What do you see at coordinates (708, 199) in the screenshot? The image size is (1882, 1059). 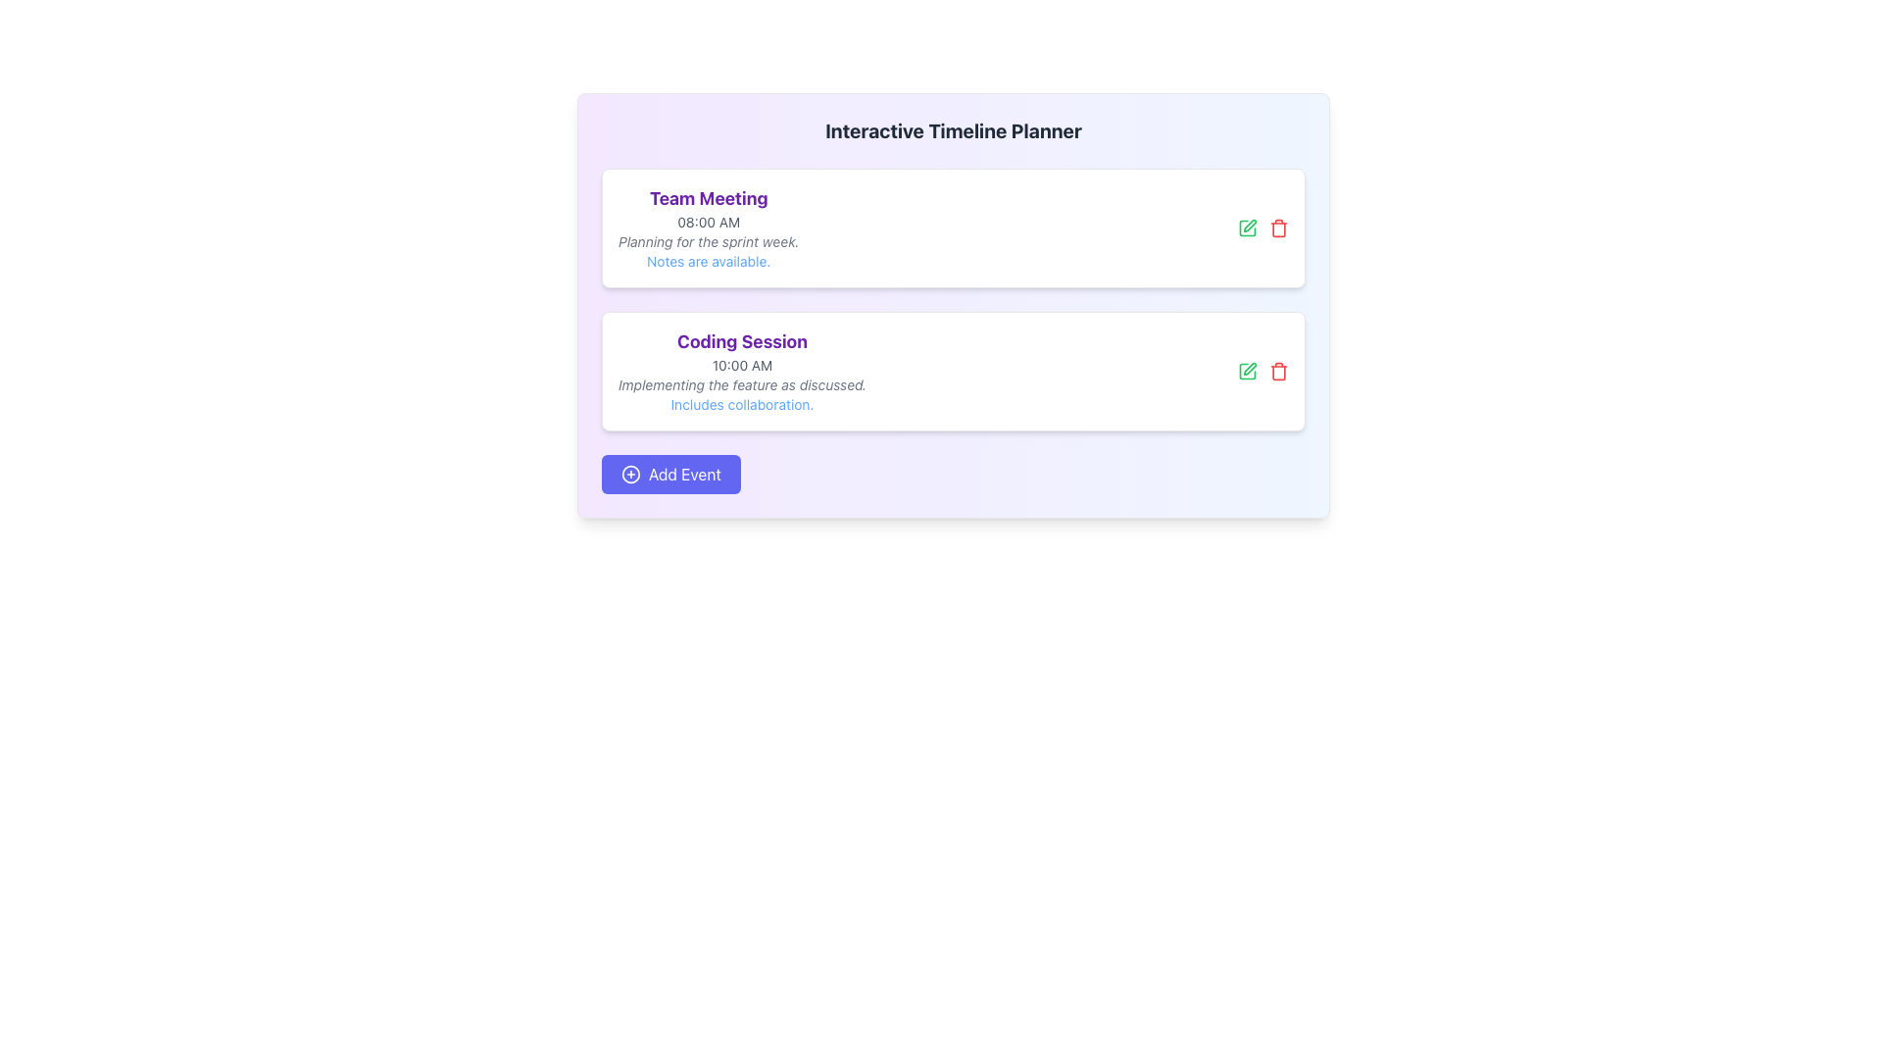 I see `the non-interactive header label for the 'Team Meeting' section, which is positioned above the time '08:00 AM' and description text` at bounding box center [708, 199].